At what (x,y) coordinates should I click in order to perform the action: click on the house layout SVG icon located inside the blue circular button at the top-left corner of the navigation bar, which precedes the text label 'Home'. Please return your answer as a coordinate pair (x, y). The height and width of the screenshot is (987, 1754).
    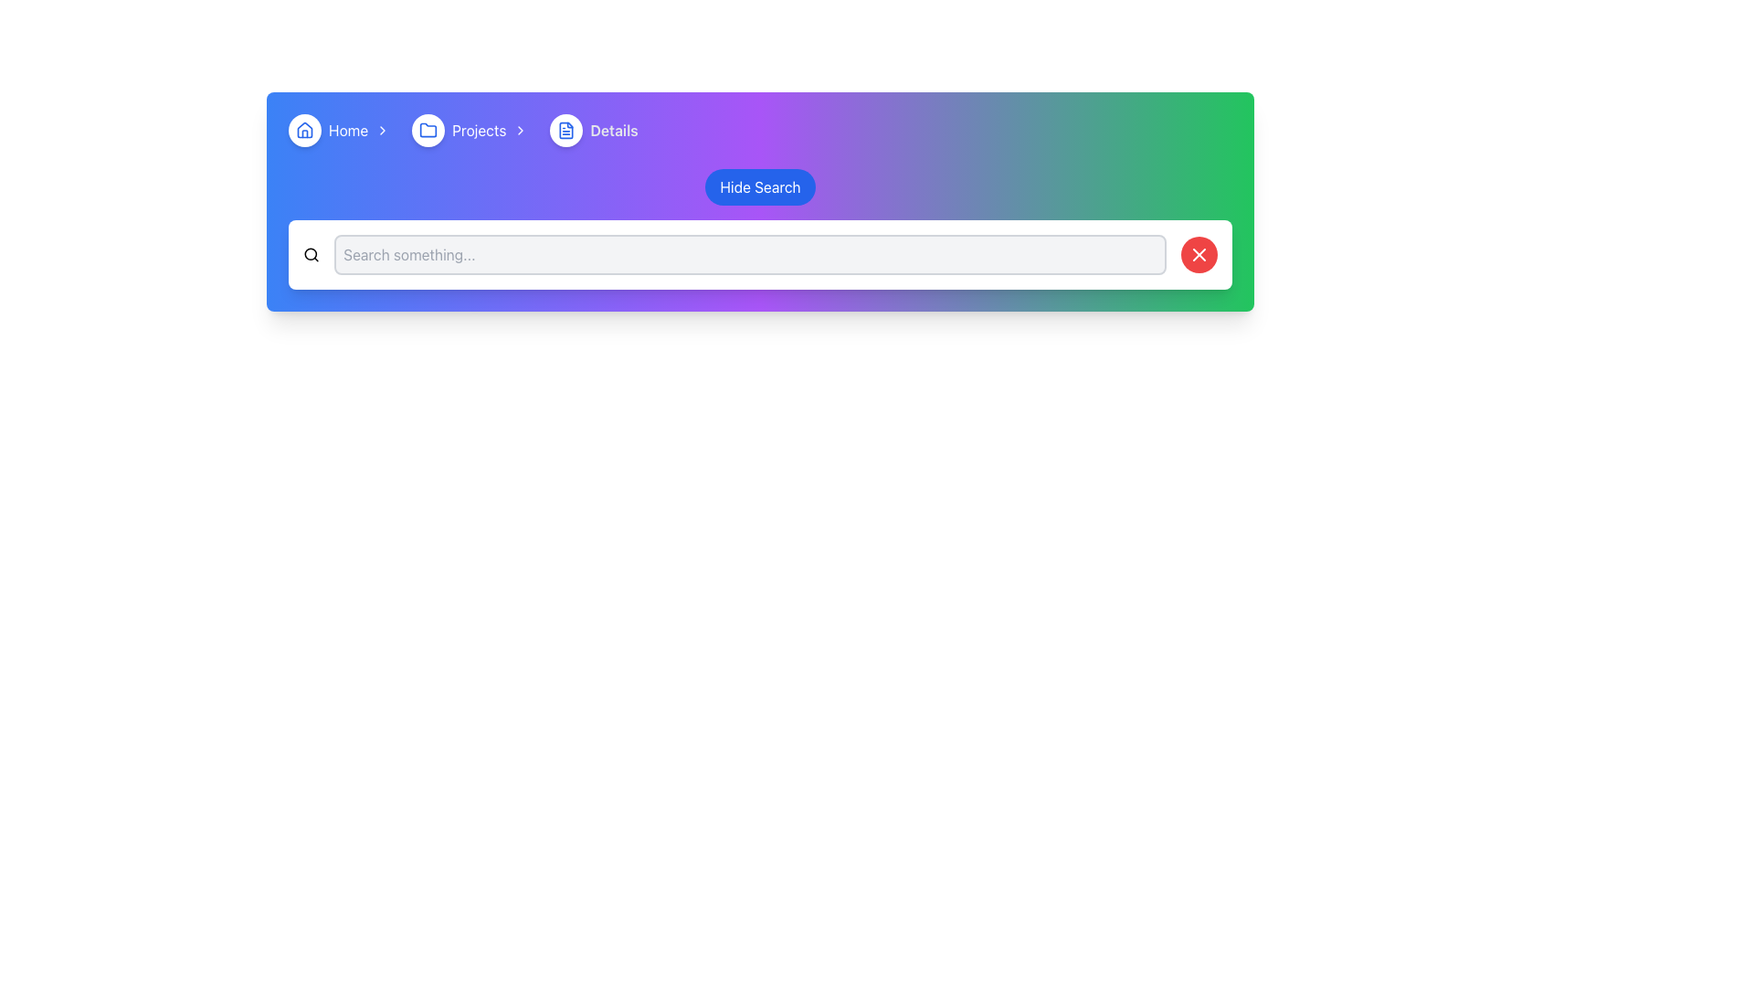
    Looking at the image, I should click on (305, 129).